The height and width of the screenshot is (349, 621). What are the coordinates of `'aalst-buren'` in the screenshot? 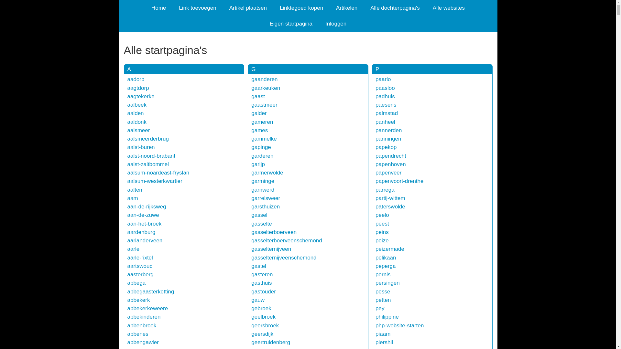 It's located at (127, 147).